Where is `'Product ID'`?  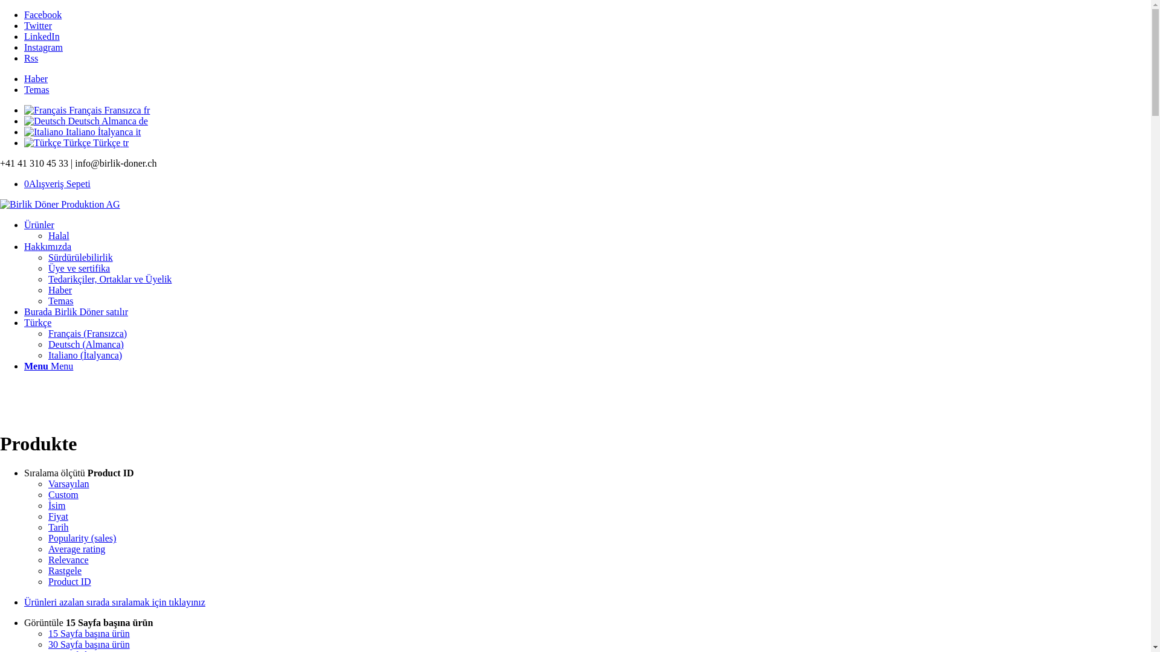 'Product ID' is located at coordinates (69, 581).